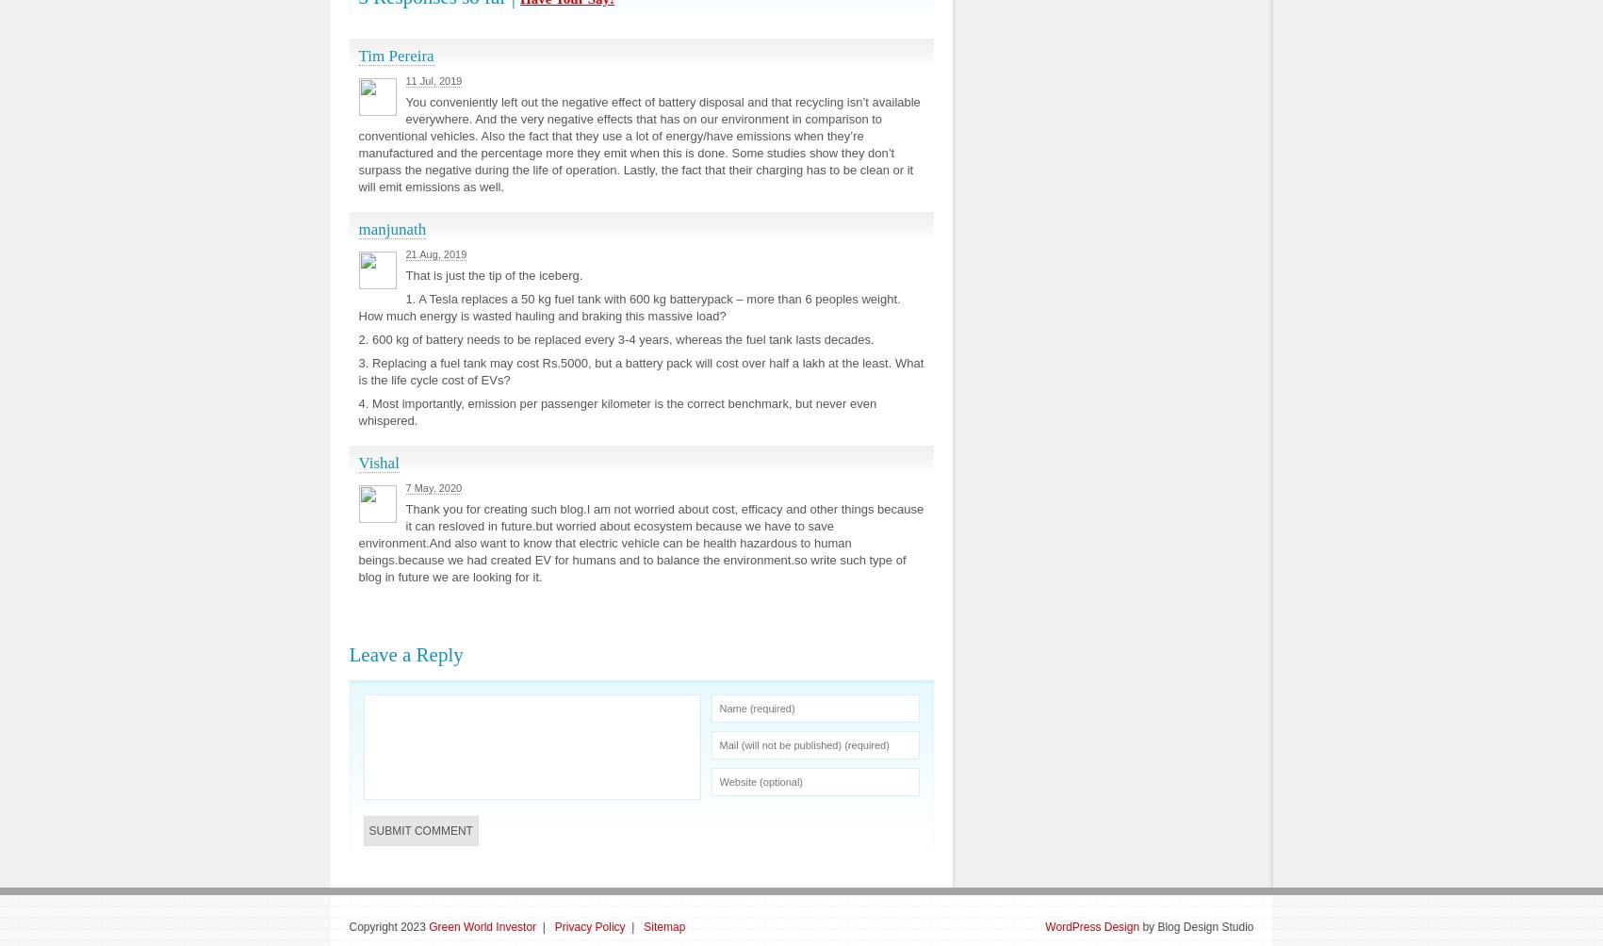 Image resolution: width=1603 pixels, height=946 pixels. Describe the element at coordinates (614, 339) in the screenshot. I see `'2. 600 kg of battery needs to be replaced every 3-4 years, whereas the fuel tank lasts decades.'` at that location.